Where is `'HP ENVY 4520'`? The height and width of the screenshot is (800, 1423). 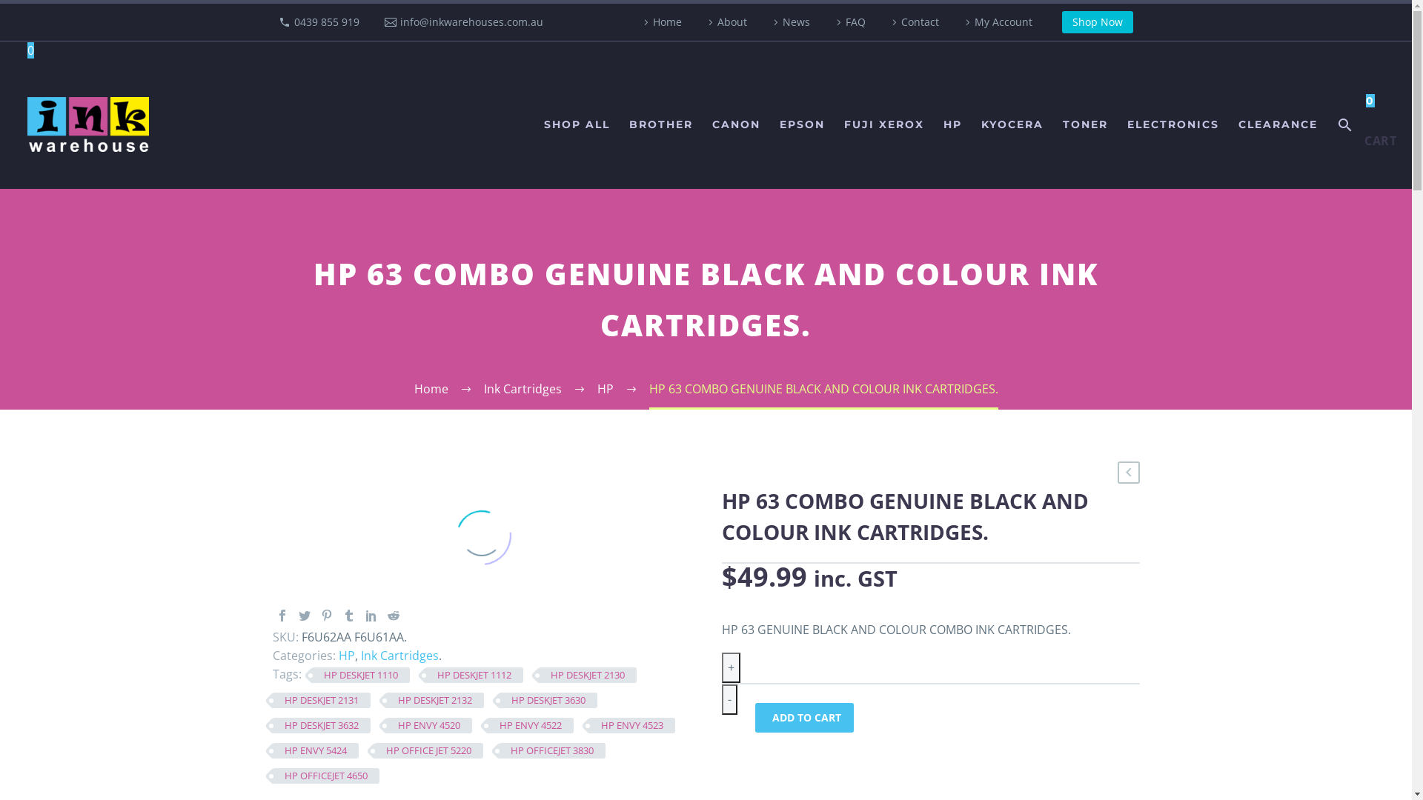 'HP ENVY 4520' is located at coordinates (385, 724).